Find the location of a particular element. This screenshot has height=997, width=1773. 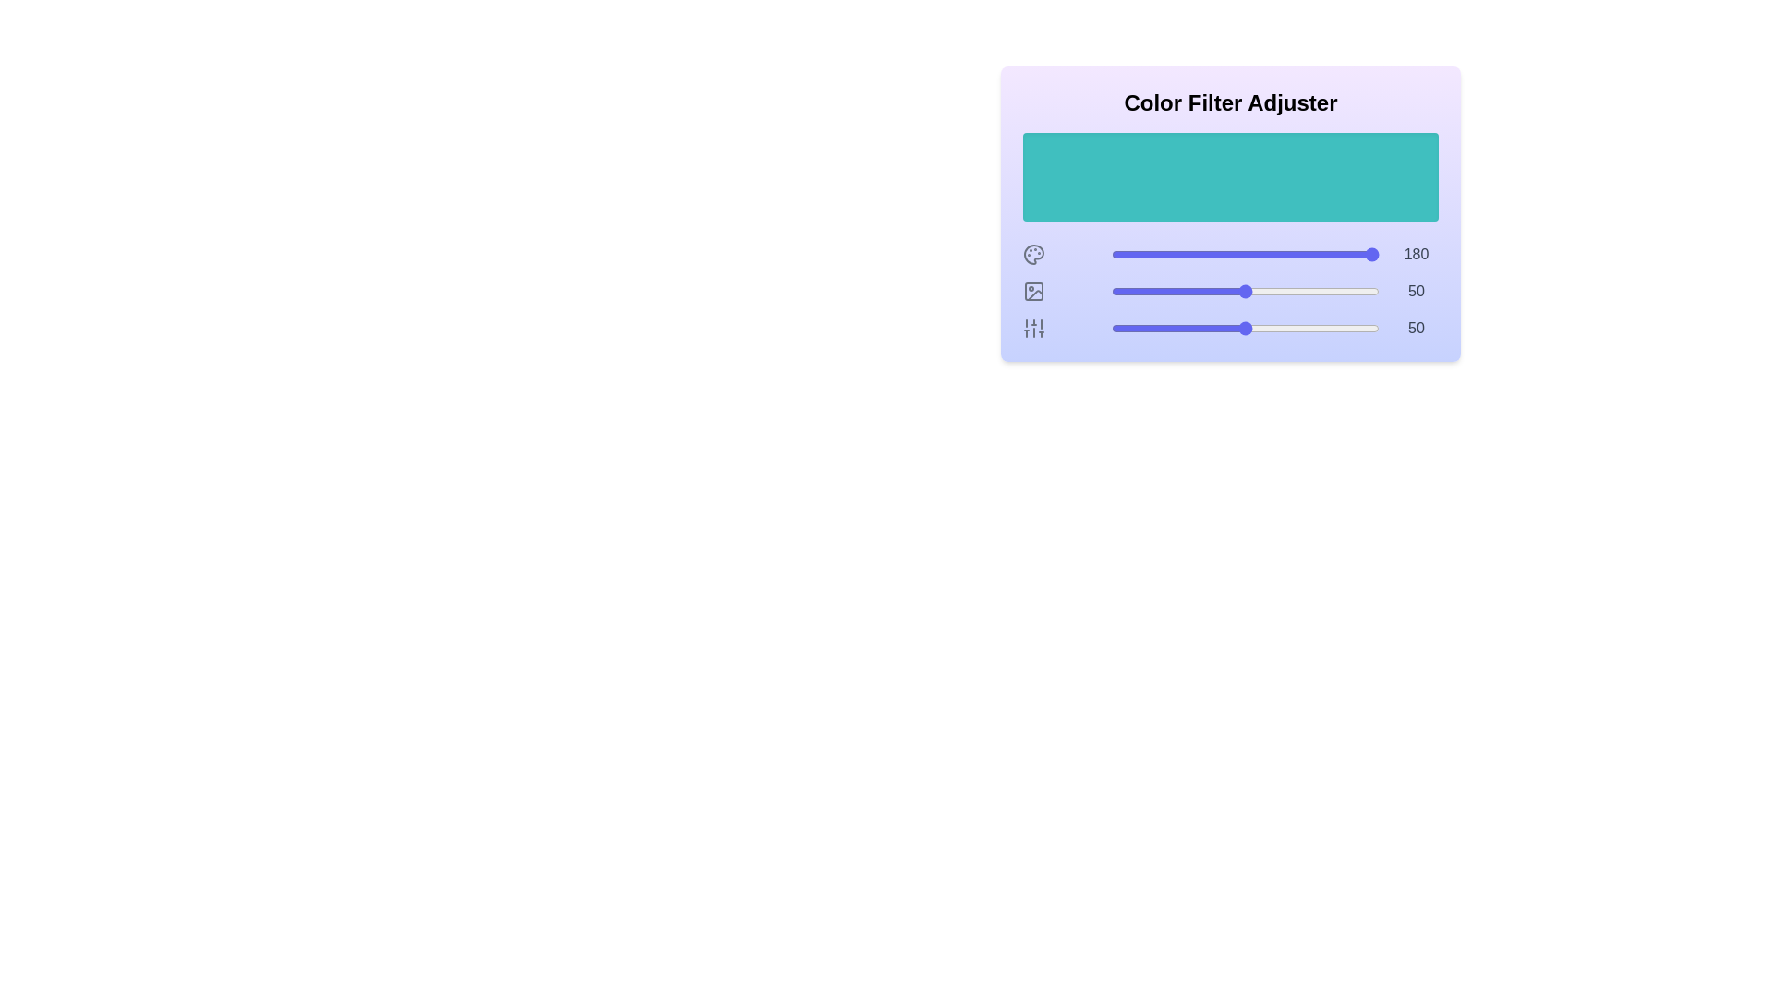

the 1 slider to 18 to observe the color preview area is located at coordinates (1159, 291).